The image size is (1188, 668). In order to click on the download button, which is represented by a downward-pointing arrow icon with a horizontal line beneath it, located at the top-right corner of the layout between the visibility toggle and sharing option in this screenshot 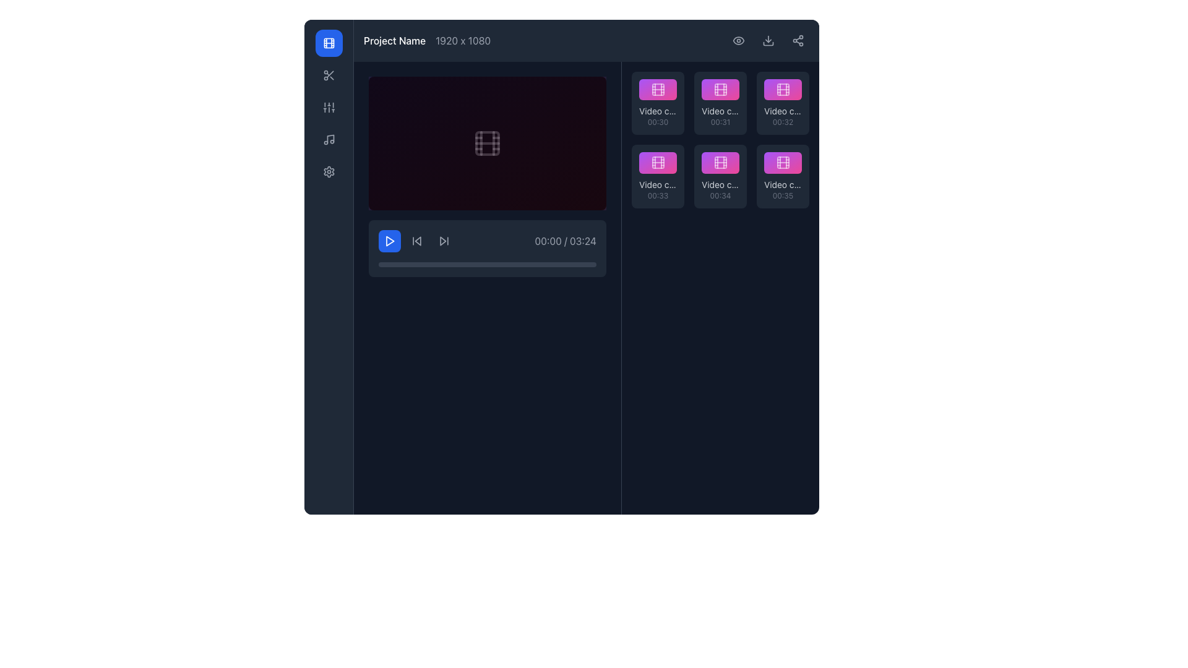, I will do `click(768, 40)`.